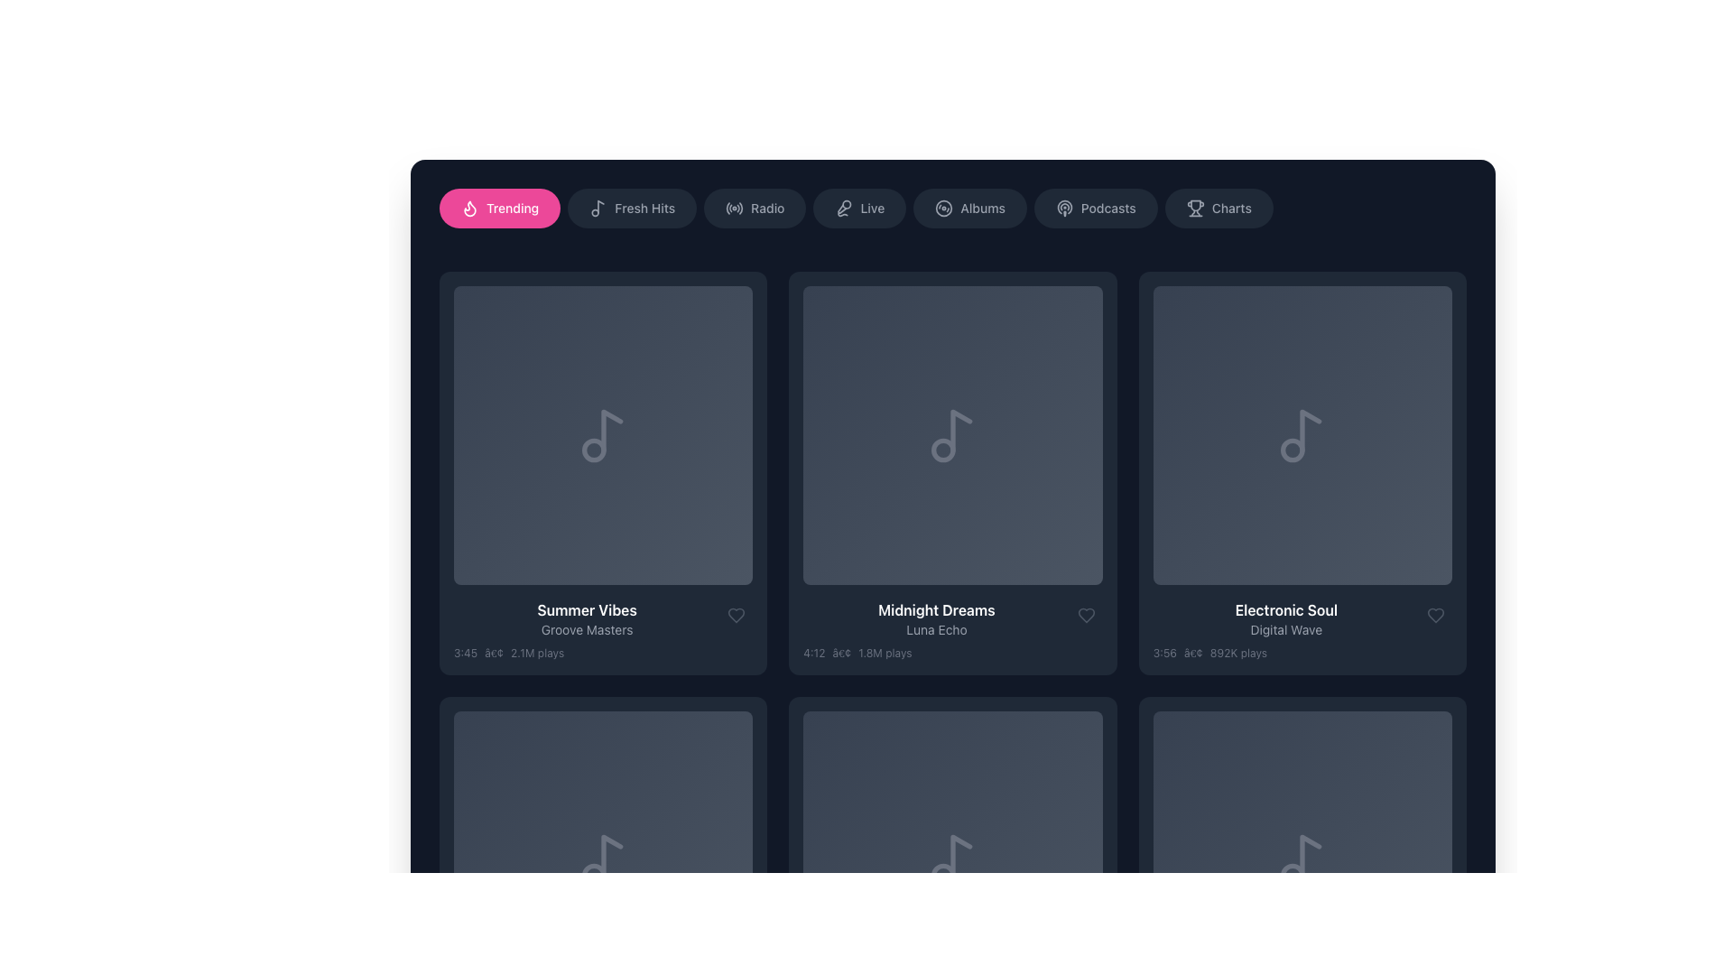 This screenshot has height=975, width=1733. I want to click on the static text label indicating live content in the horizontal navigation bar at the top of the interface, which is located to the right of the microphone icon, so click(872, 208).